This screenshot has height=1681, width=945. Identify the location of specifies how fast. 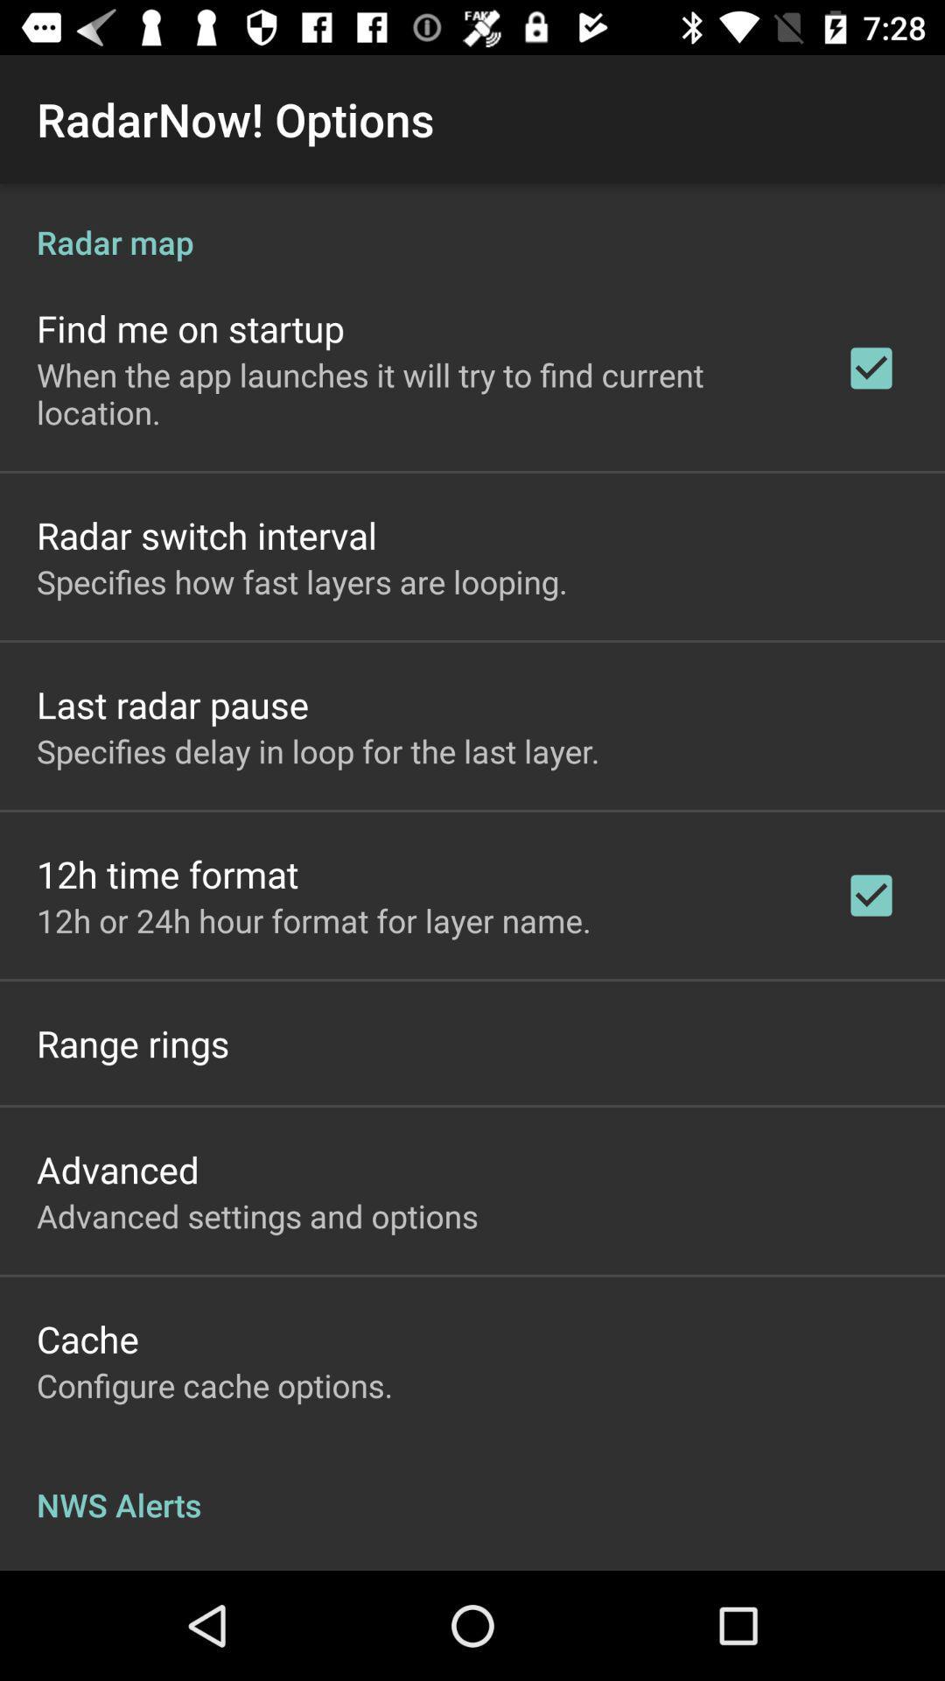
(301, 581).